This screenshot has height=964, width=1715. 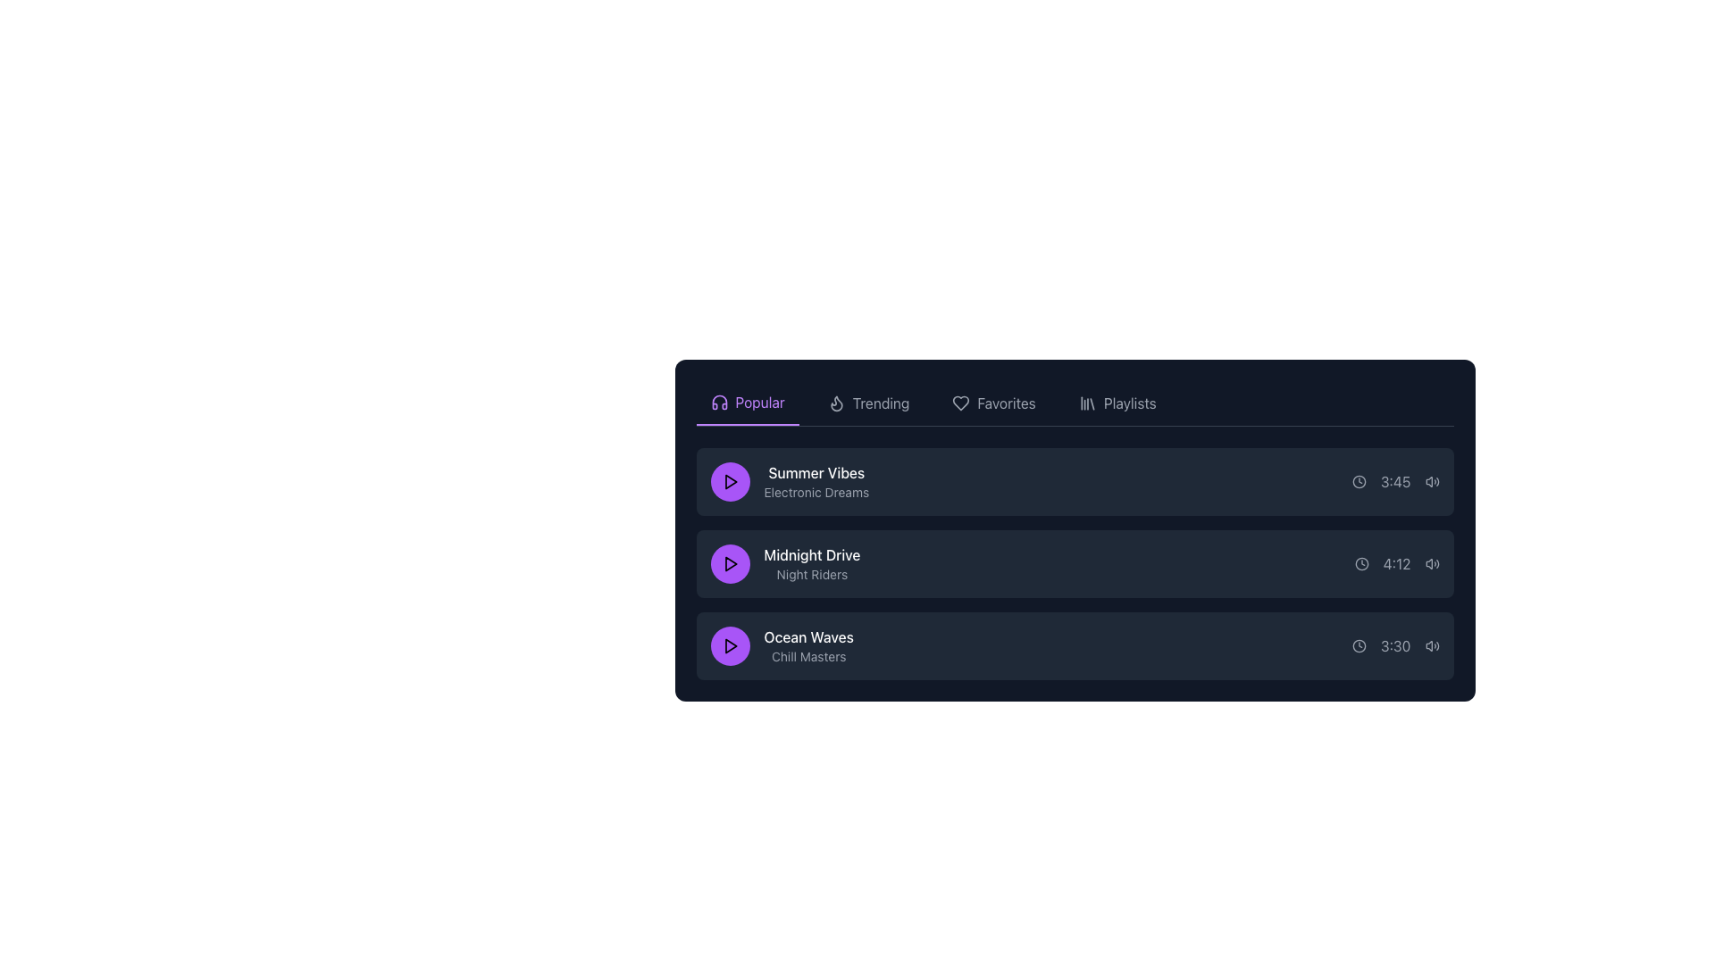 What do you see at coordinates (816, 482) in the screenshot?
I see `the text block that provides information about the music track or playlist titled 'Summer Vibes' and 'Electronic Dreams', located to the right of the circular play button in the first row of a list` at bounding box center [816, 482].